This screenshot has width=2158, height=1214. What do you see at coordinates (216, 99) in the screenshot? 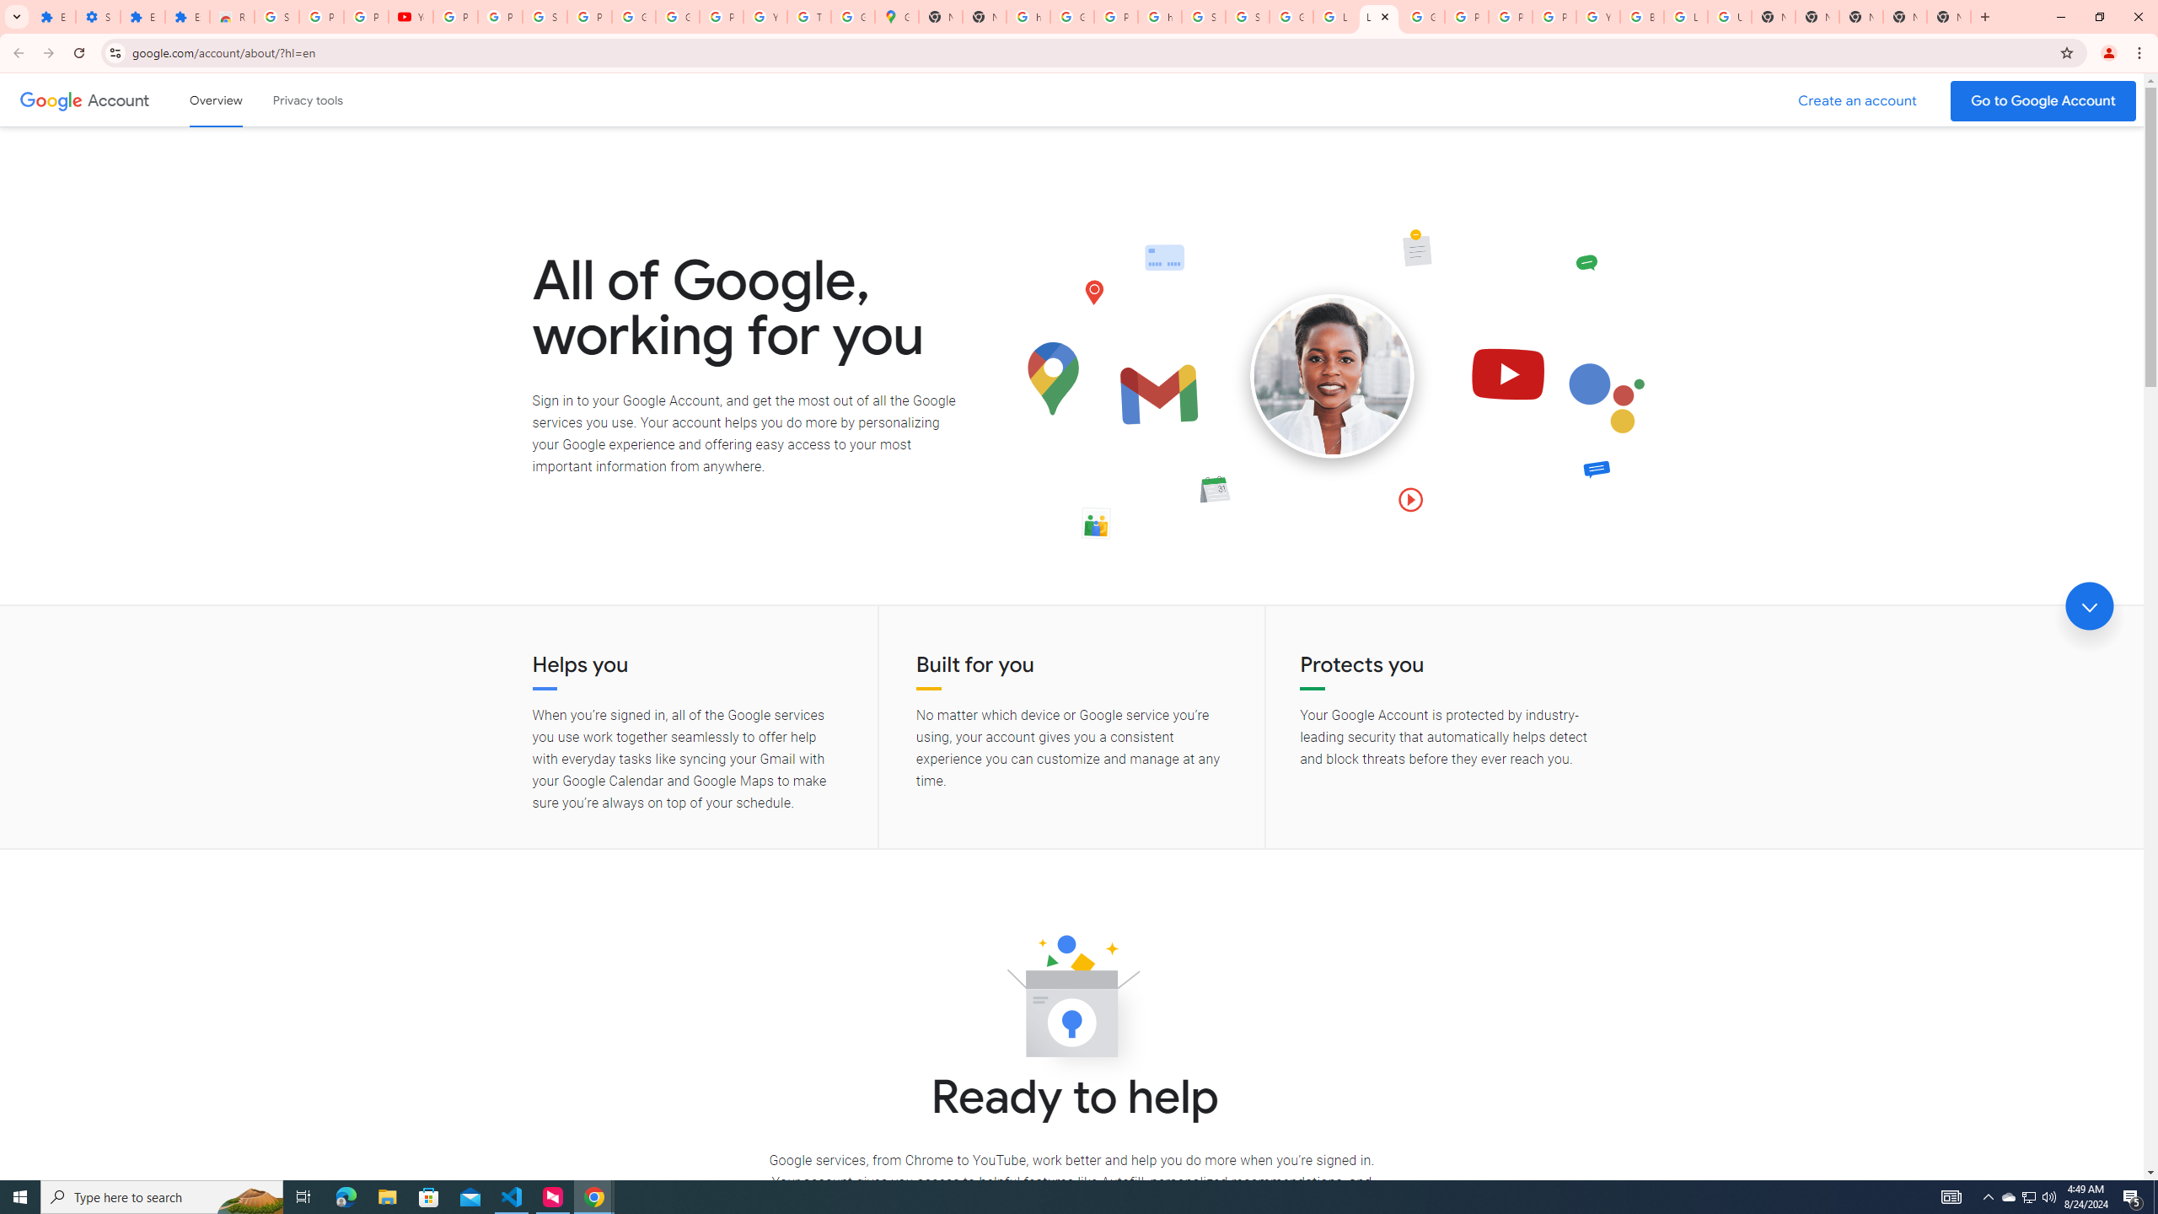
I see `'Google Account overview'` at bounding box center [216, 99].